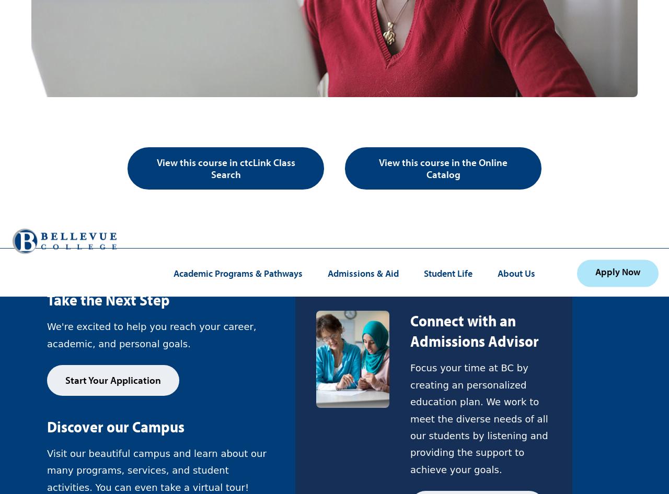  I want to click on 'Privacy Notice', so click(299, 180).